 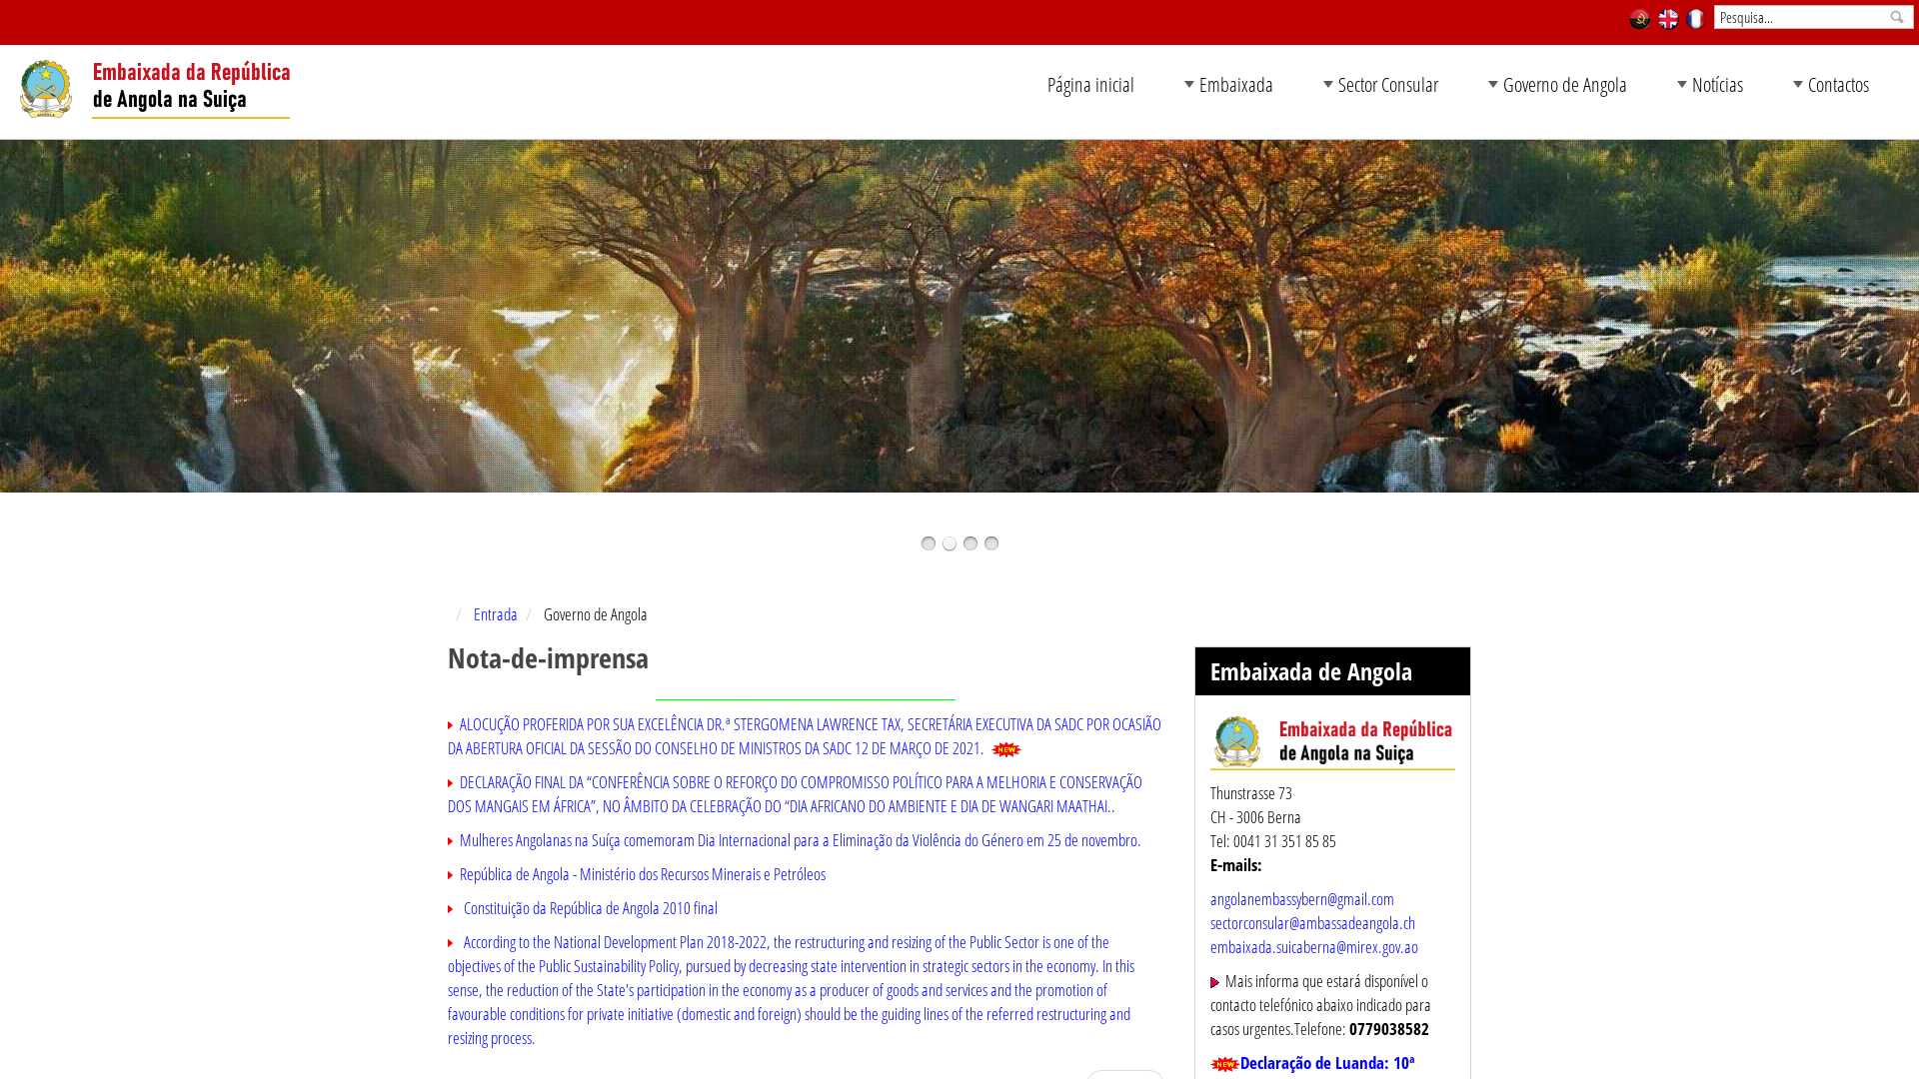 I want to click on 'angolanembassybern@gmail.com', so click(x=1301, y=897).